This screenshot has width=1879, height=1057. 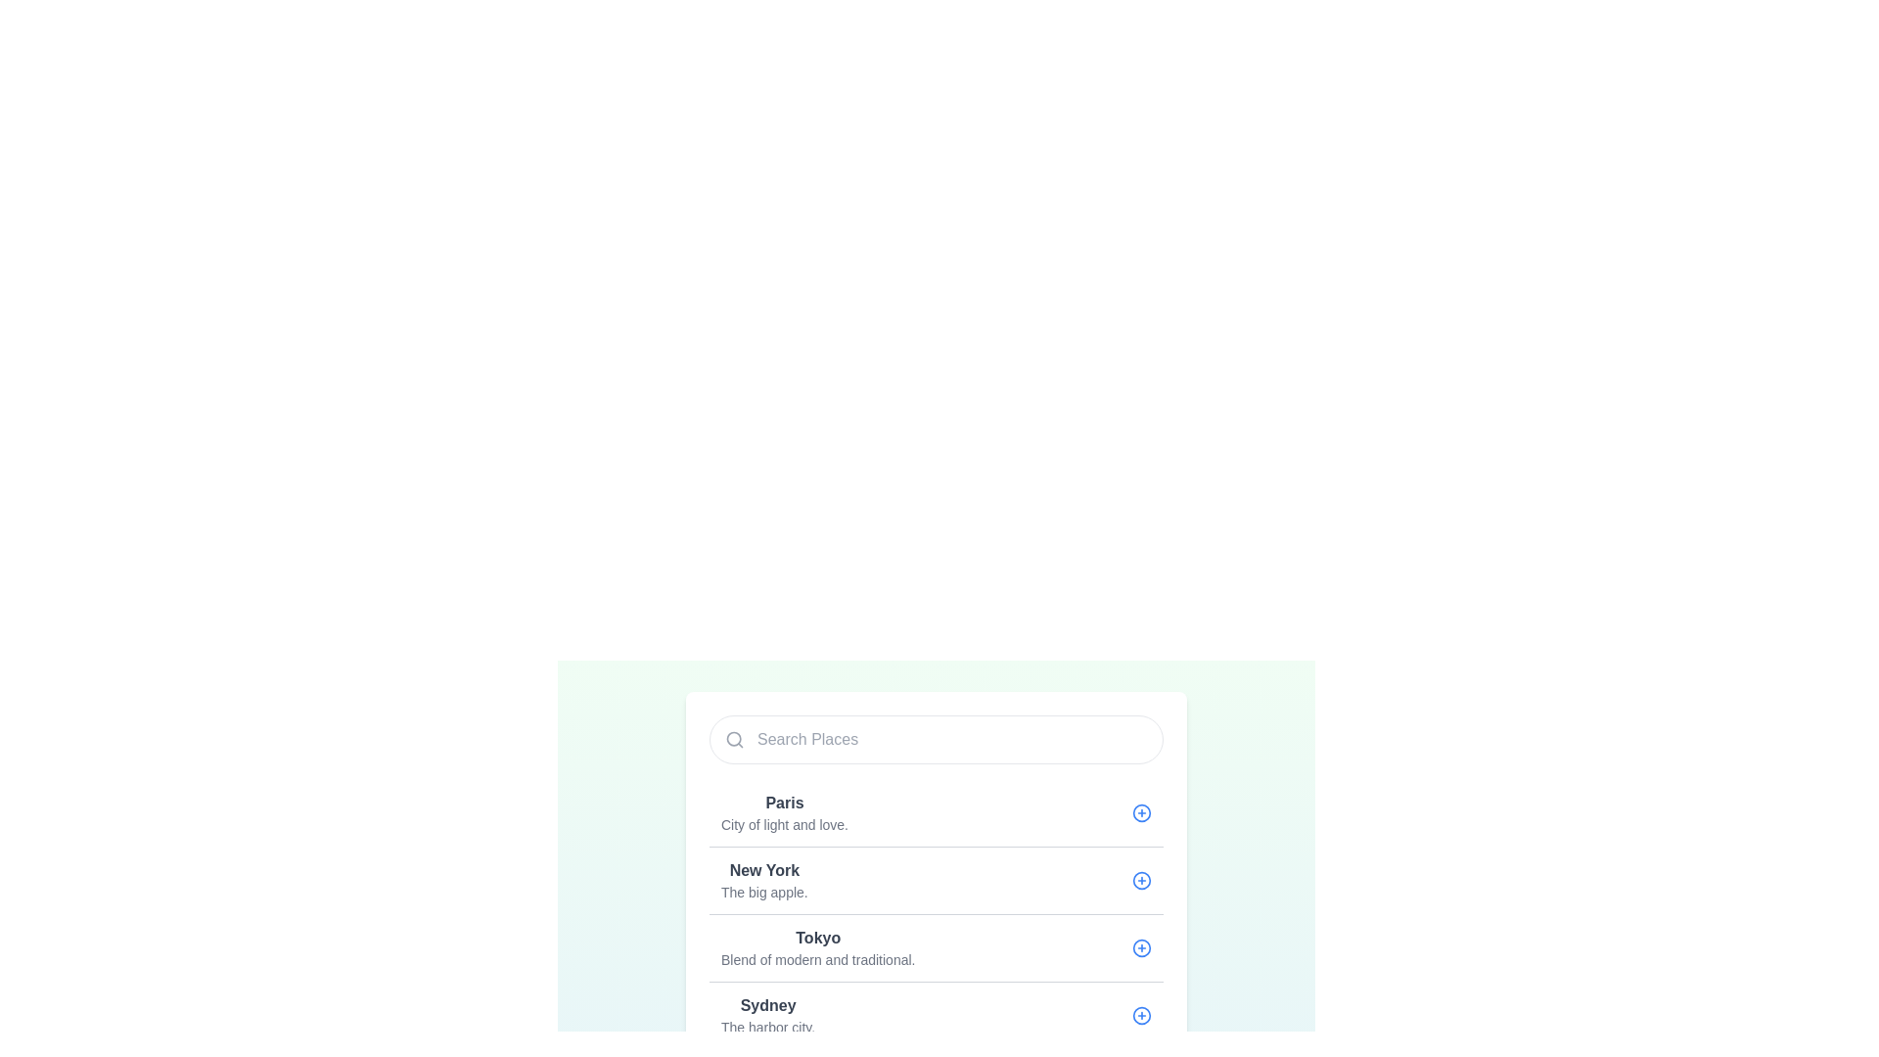 What do you see at coordinates (935, 1014) in the screenshot?
I see `the fourth list item titled 'Sydney' with the subtitle 'The harbor city.'` at bounding box center [935, 1014].